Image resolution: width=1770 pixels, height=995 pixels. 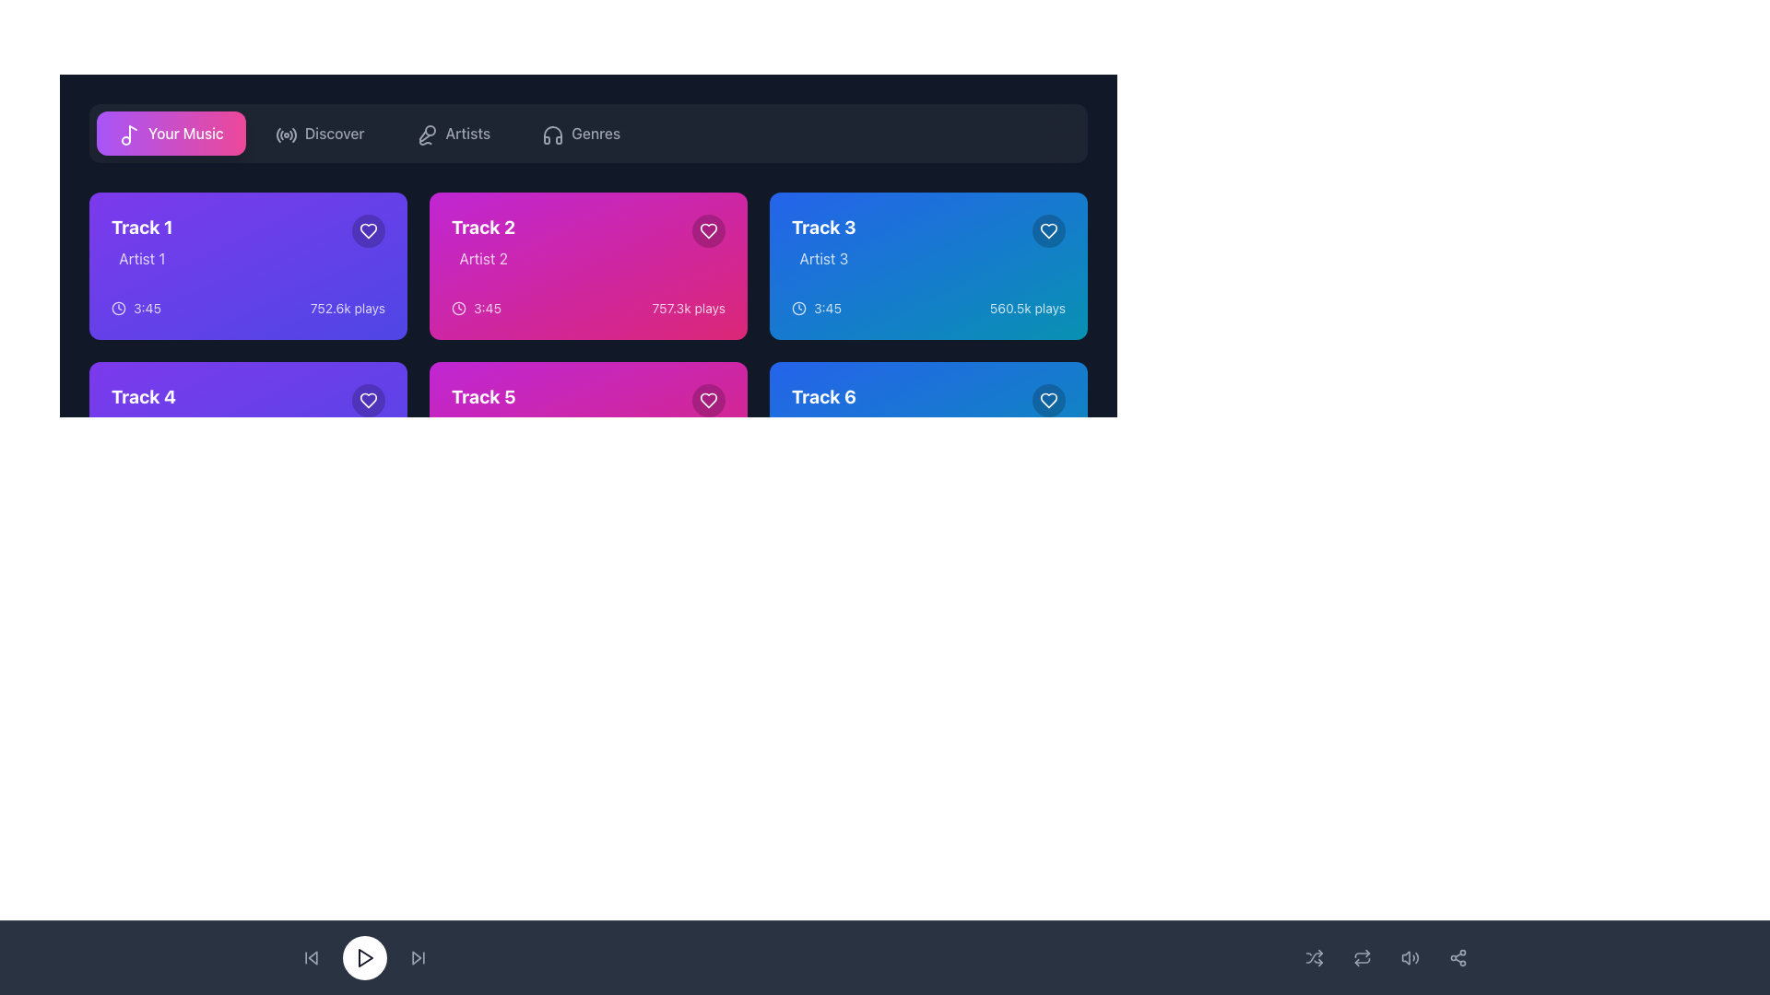 I want to click on the 'Genres' icon located in the navigation bar, positioned between the 'Artists' button and the 'Genres' label, so click(x=552, y=134).